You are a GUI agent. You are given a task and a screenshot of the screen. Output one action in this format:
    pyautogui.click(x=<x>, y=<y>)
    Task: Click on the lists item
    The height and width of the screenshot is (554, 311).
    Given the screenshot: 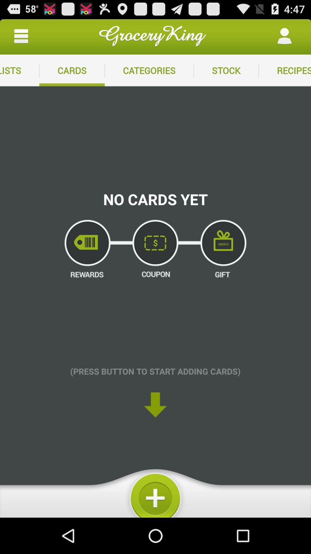 What is the action you would take?
    pyautogui.click(x=19, y=70)
    